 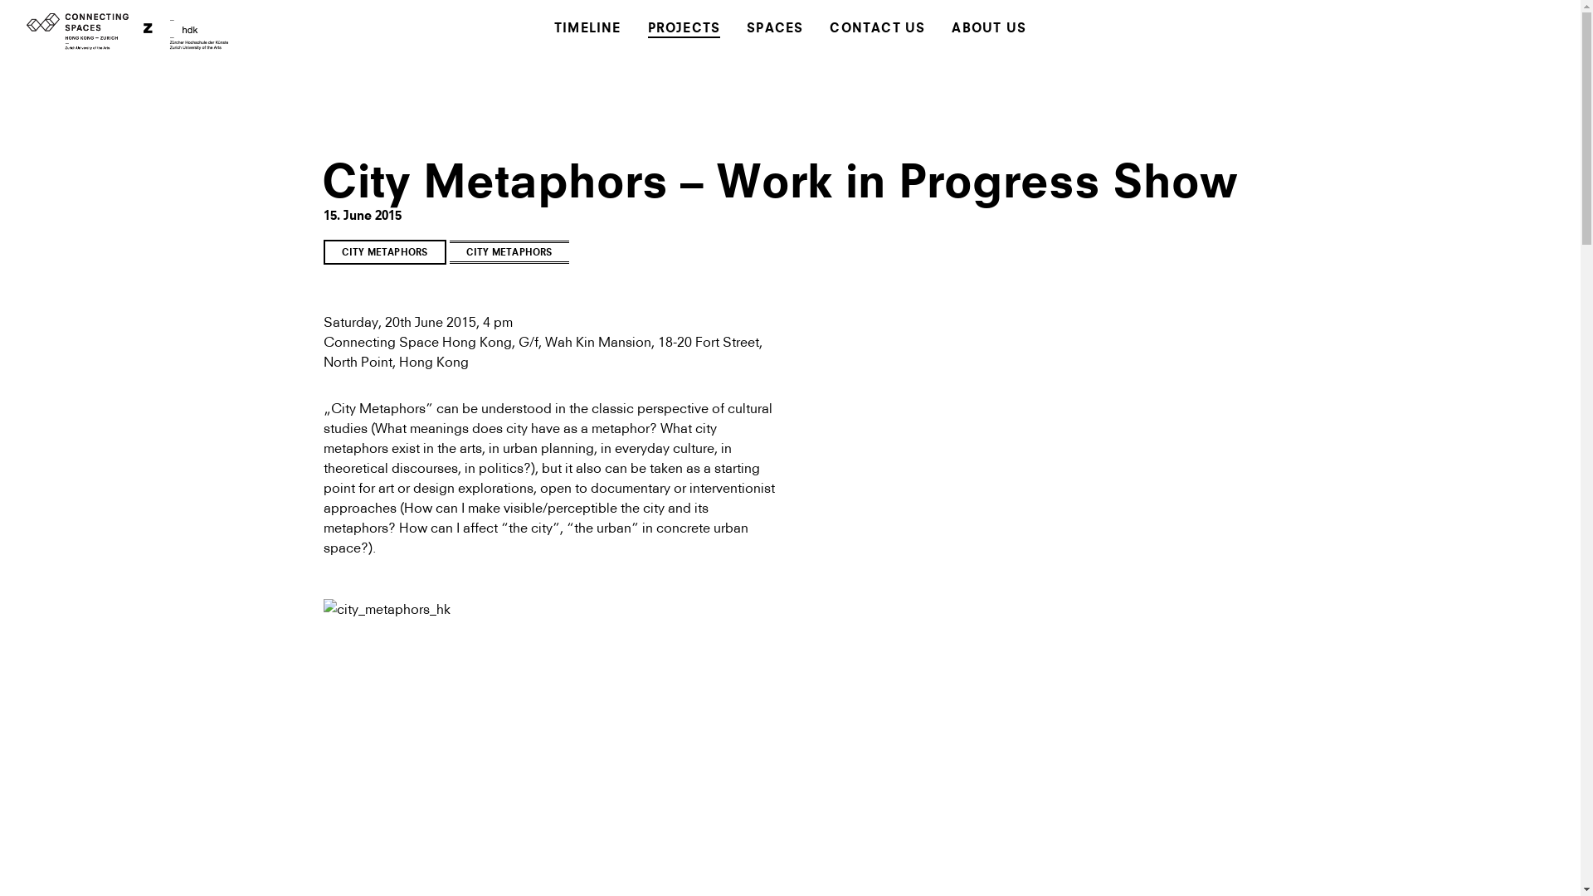 I want to click on 'PROJECTS', so click(x=684, y=30).